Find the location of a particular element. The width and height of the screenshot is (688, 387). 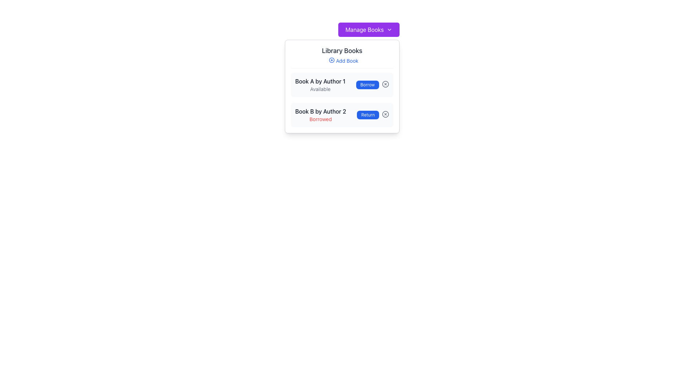

the button to the right of the text 'Book A by Author 1' is located at coordinates (372, 84).